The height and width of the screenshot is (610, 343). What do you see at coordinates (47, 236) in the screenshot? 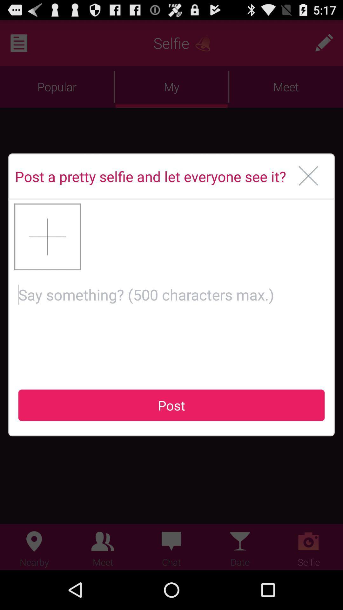
I see `adding` at bounding box center [47, 236].